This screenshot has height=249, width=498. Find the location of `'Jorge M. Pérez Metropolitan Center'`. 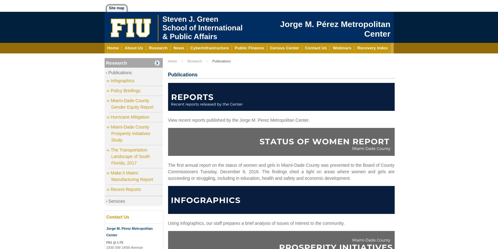

'Jorge M. Pérez Metropolitan Center' is located at coordinates (106, 232).